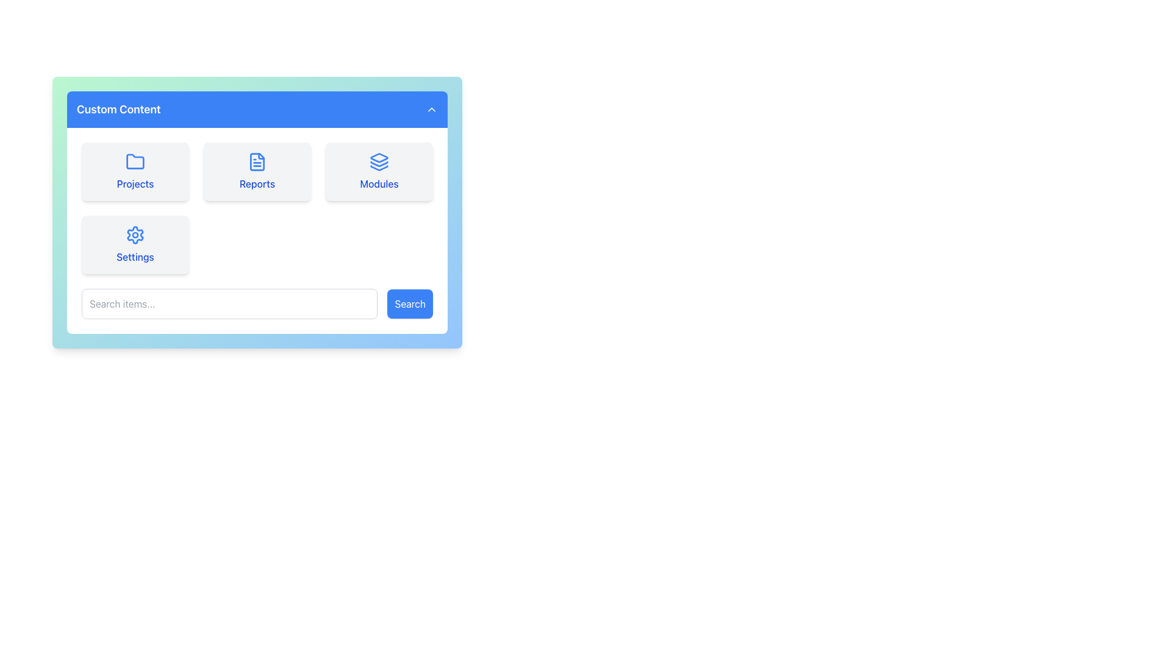 The image size is (1171, 658). What do you see at coordinates (410, 303) in the screenshot?
I see `the search button located within the lower section of the 'Custom Content' component to observe its hover effects` at bounding box center [410, 303].